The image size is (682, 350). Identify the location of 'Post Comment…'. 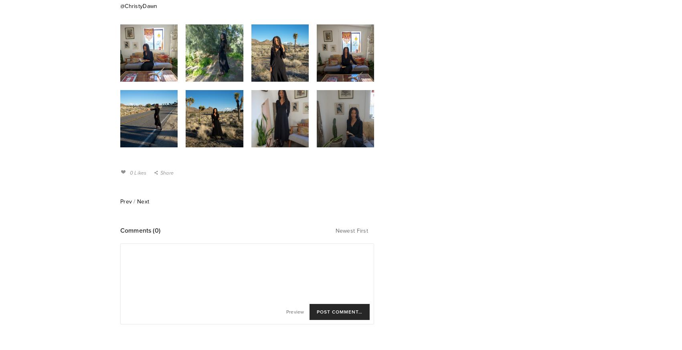
(339, 311).